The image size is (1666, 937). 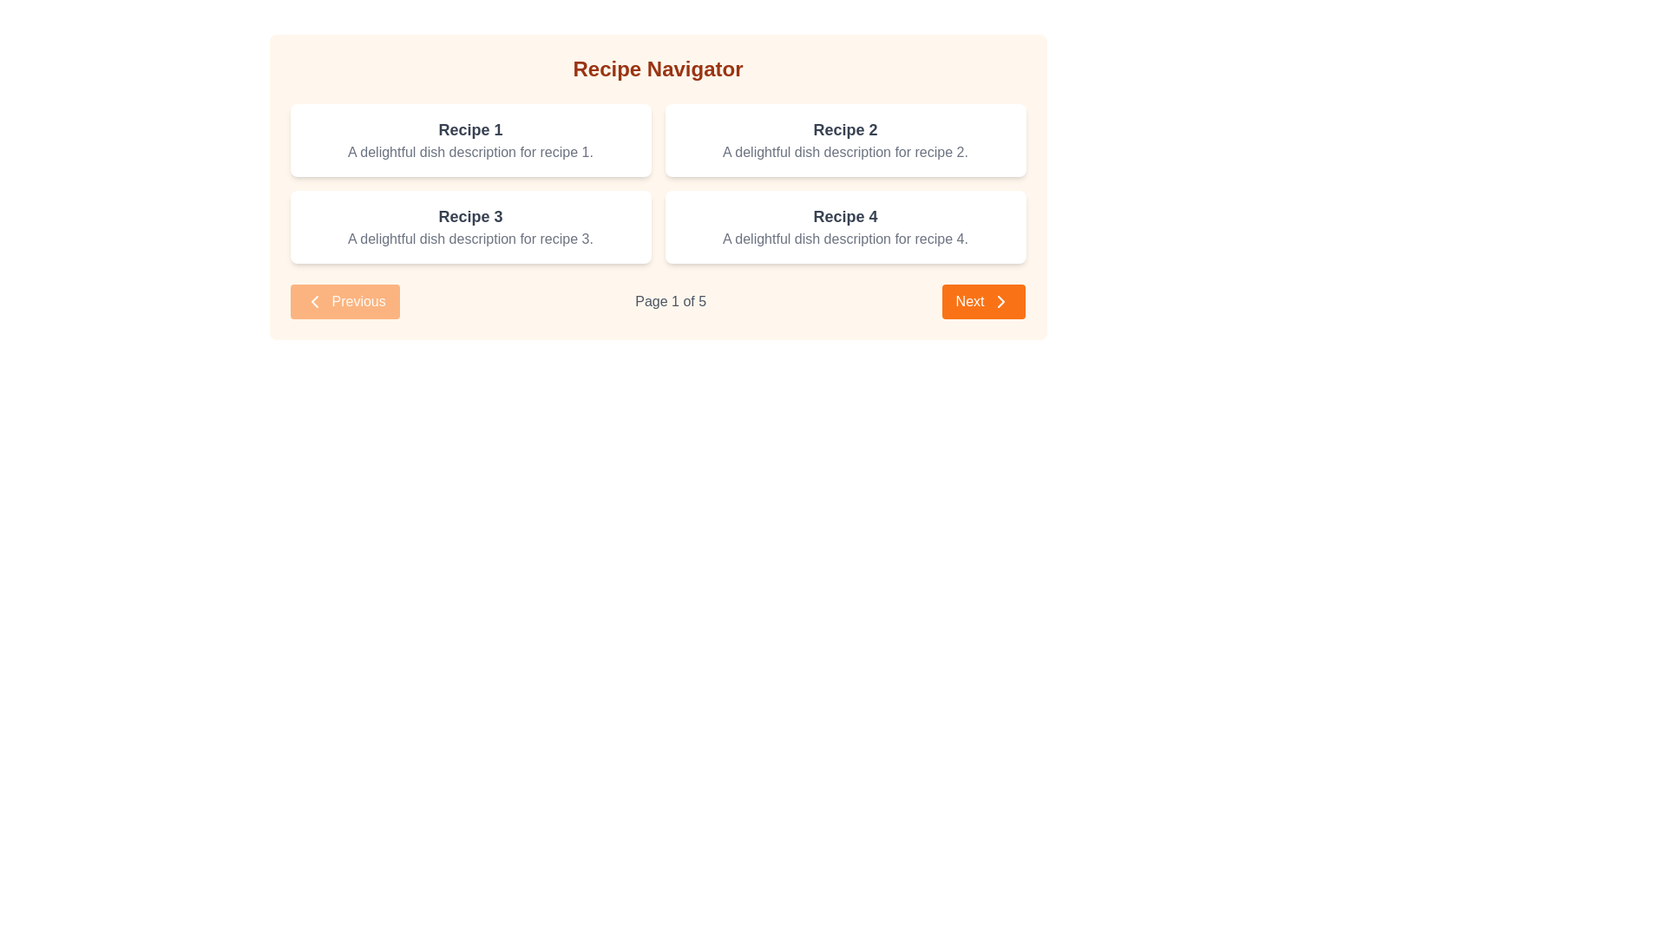 What do you see at coordinates (314, 300) in the screenshot?
I see `the left-facing chevron icon of the 'Previous' button` at bounding box center [314, 300].